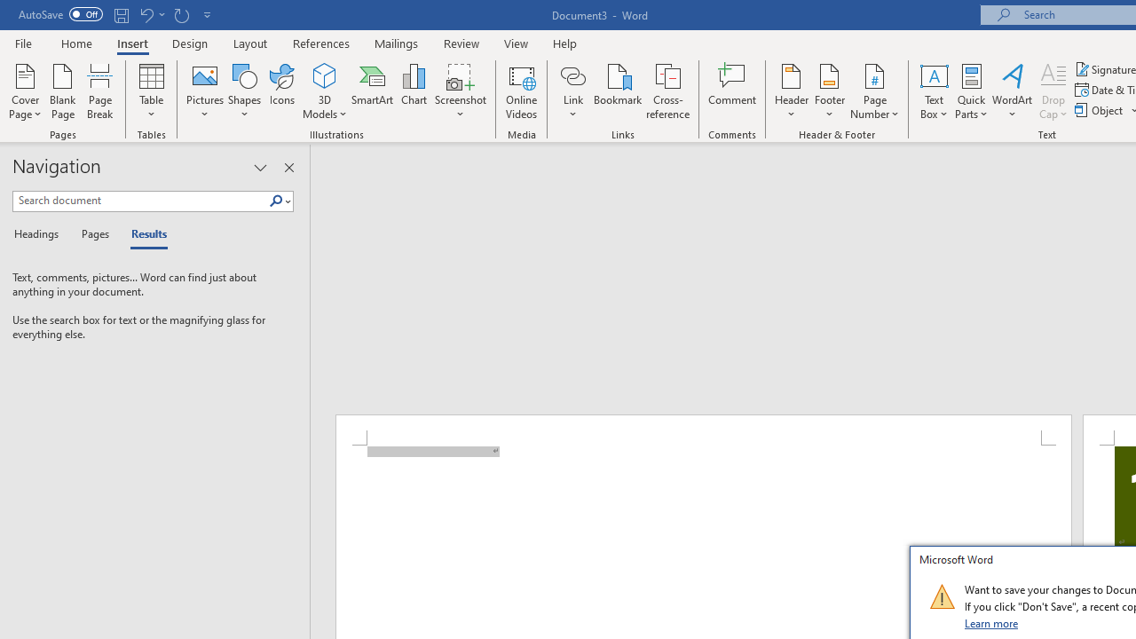 This screenshot has width=1136, height=639. What do you see at coordinates (829, 91) in the screenshot?
I see `'Footer'` at bounding box center [829, 91].